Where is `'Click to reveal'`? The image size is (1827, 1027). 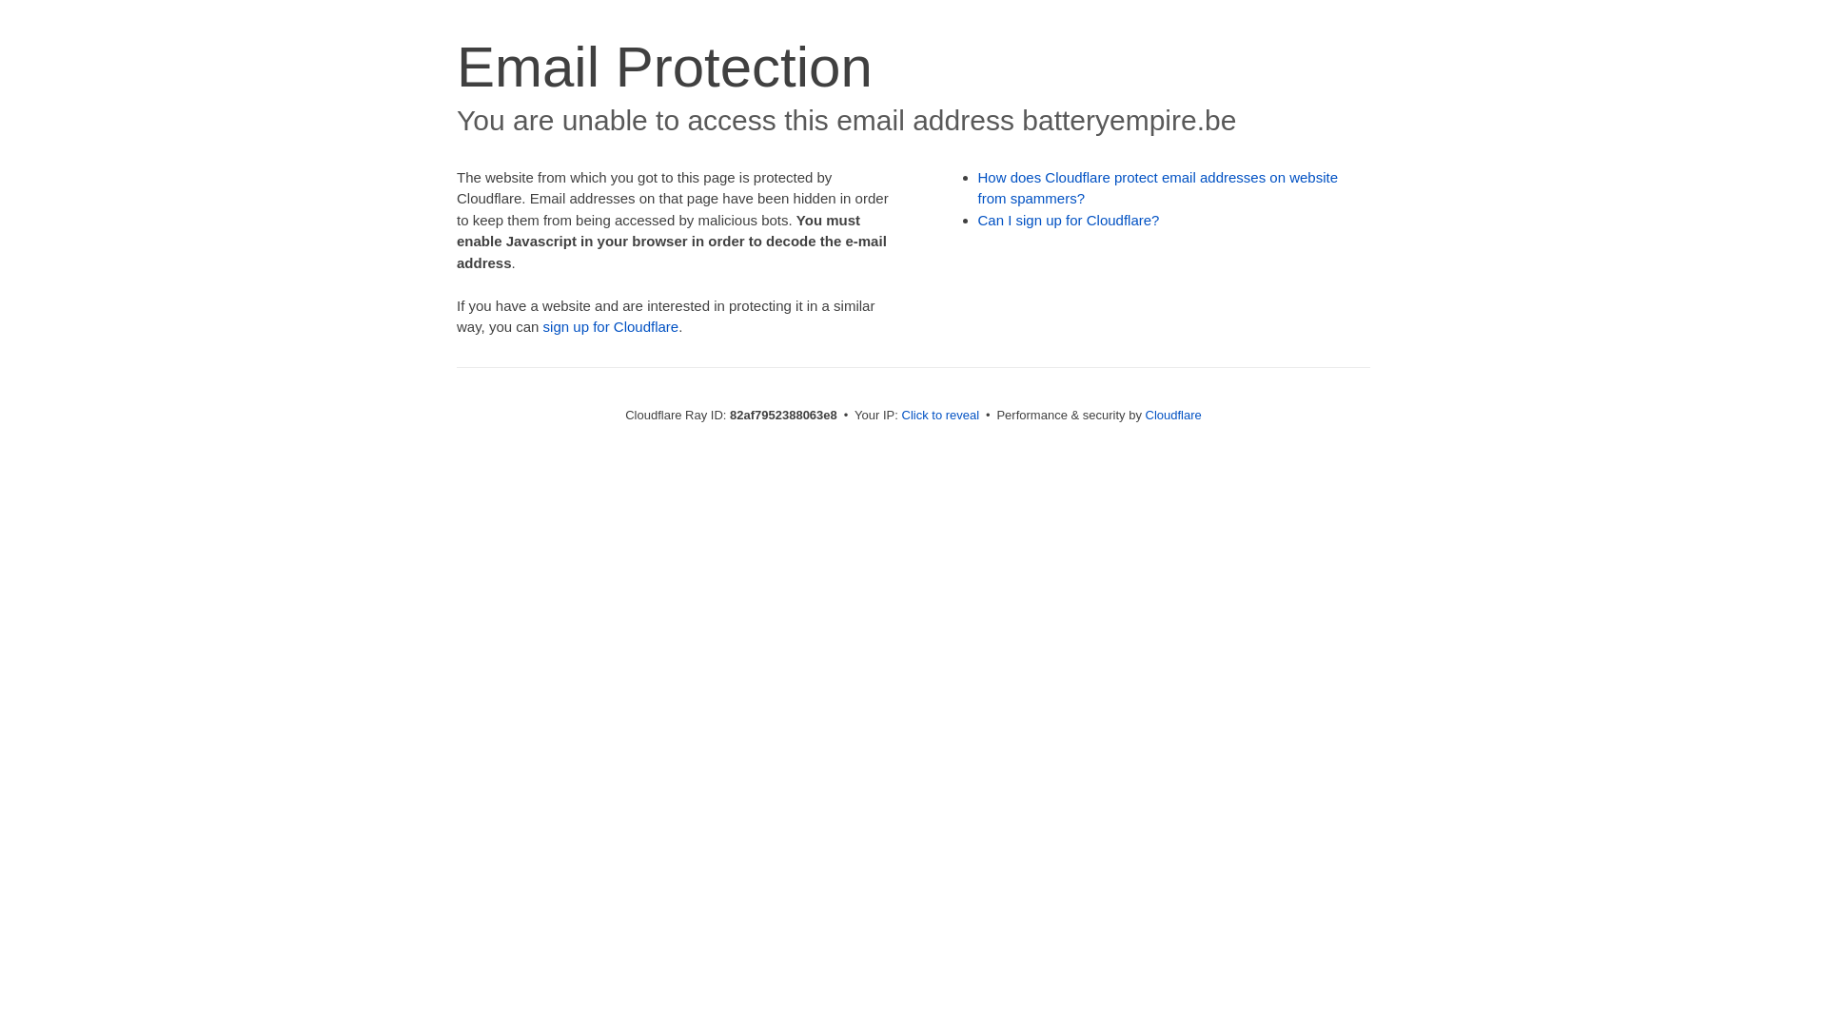 'Click to reveal' is located at coordinates (901, 414).